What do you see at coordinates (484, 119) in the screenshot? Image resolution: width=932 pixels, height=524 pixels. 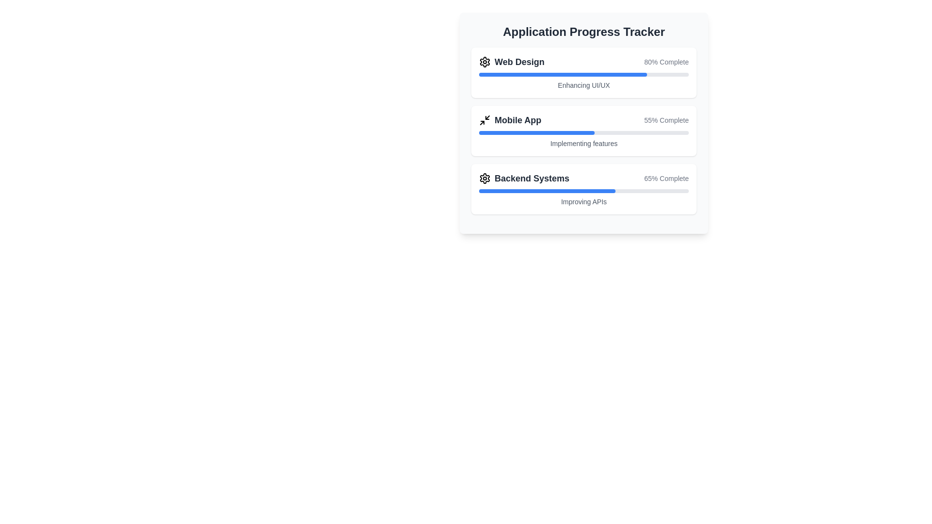 I see `the distinctive icon composed of arrows pointing outward, which is part of the 'Mobile App' group and located to the left of the 'Mobile App' label` at bounding box center [484, 119].